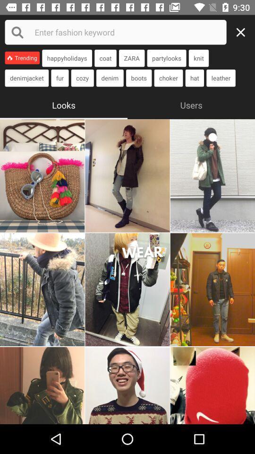 Image resolution: width=255 pixels, height=454 pixels. What do you see at coordinates (127, 385) in the screenshot?
I see `open picture` at bounding box center [127, 385].